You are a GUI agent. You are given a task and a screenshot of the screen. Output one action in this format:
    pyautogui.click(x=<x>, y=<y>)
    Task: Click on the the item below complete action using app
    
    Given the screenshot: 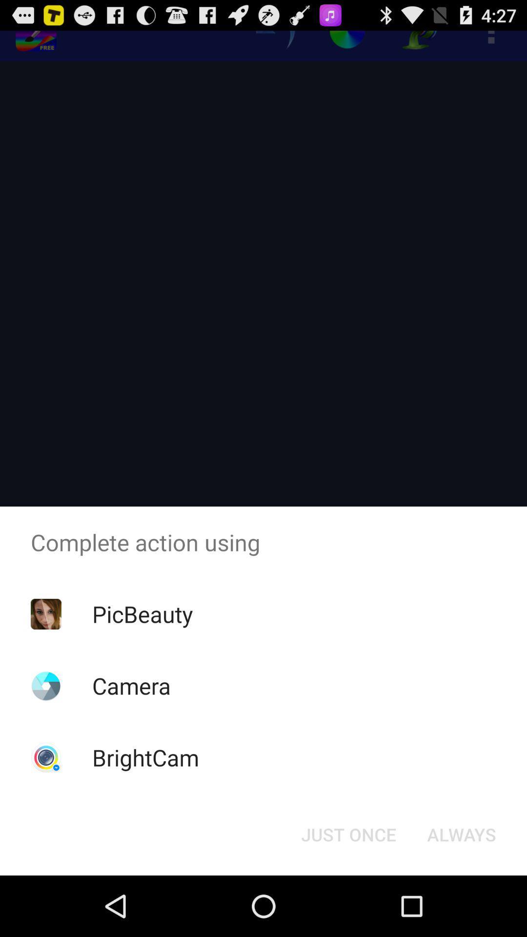 What is the action you would take?
    pyautogui.click(x=461, y=834)
    